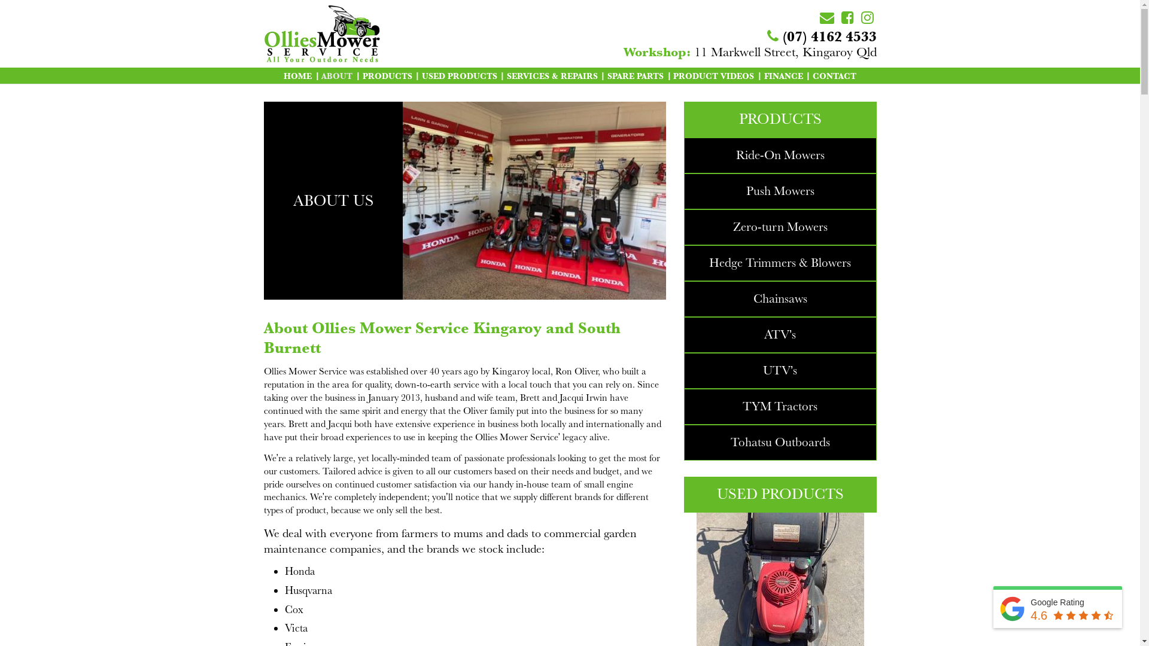 This screenshot has width=1149, height=646. What do you see at coordinates (780, 298) in the screenshot?
I see `'Chainsaws'` at bounding box center [780, 298].